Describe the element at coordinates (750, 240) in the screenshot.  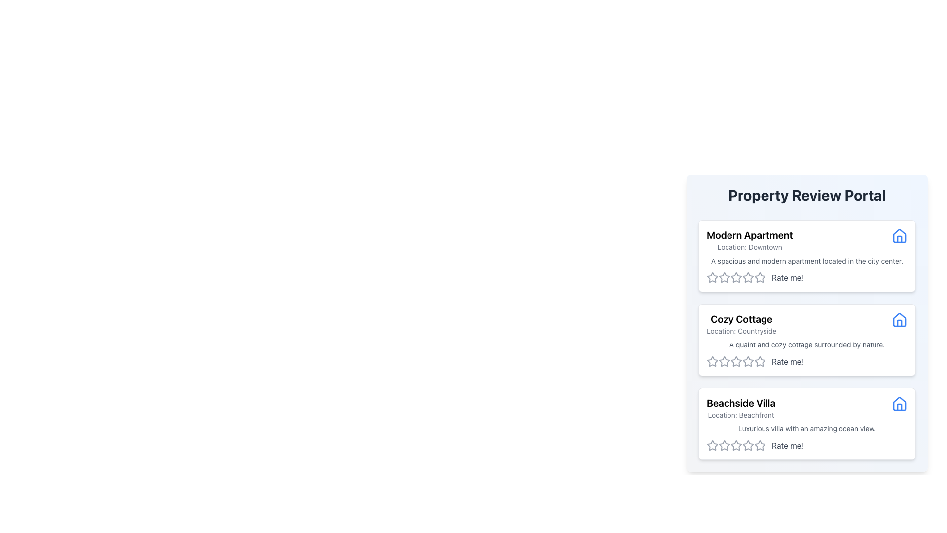
I see `text block displaying the property title 'Modern Apartment' and its location 'Location: Downtown', which is positioned at the upper-left corner of the property card` at that location.